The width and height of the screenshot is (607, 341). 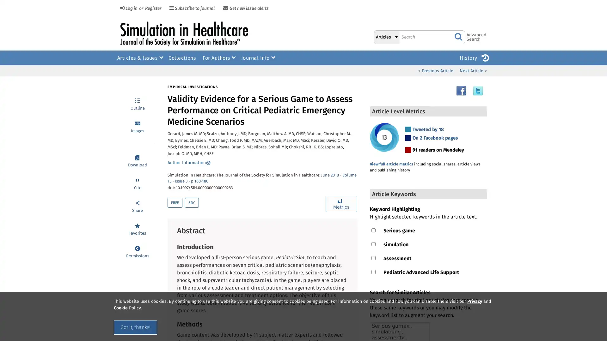 What do you see at coordinates (137, 126) in the screenshot?
I see `Images` at bounding box center [137, 126].